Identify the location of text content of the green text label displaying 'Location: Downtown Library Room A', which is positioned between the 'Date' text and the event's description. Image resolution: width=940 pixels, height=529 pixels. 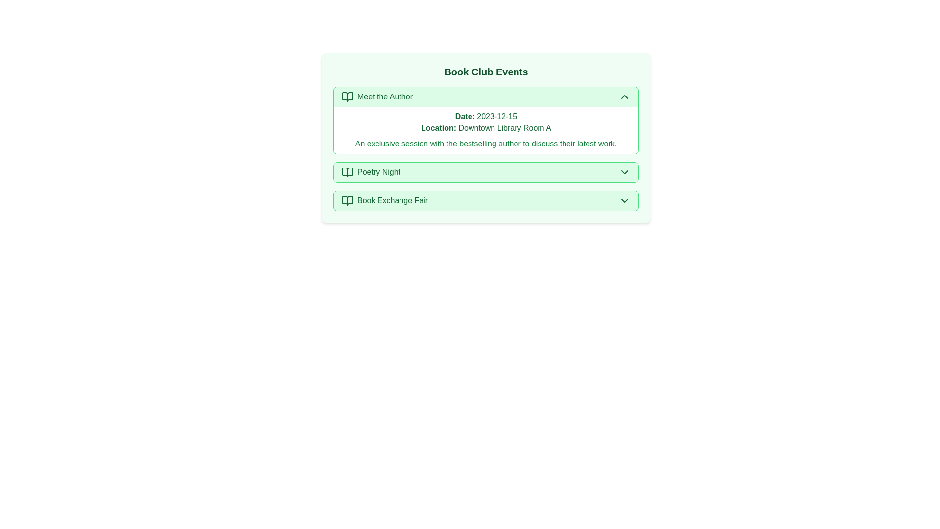
(486, 128).